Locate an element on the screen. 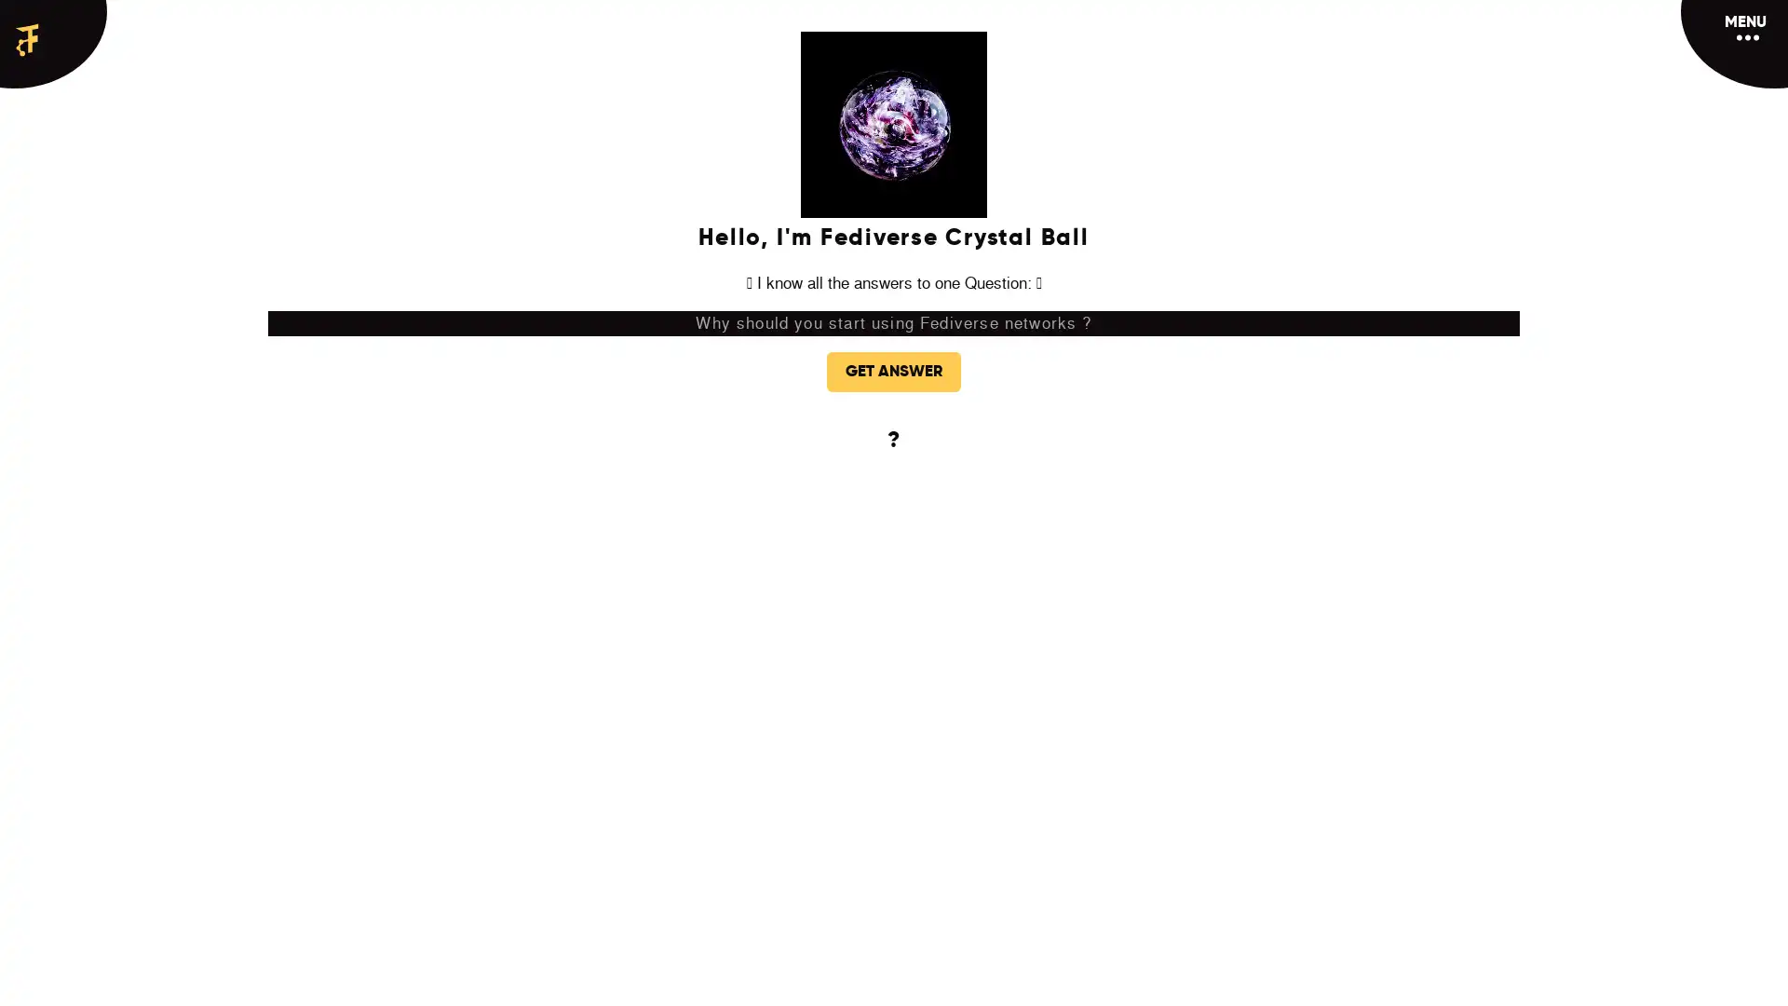  GET ANSWER is located at coordinates (894, 371).